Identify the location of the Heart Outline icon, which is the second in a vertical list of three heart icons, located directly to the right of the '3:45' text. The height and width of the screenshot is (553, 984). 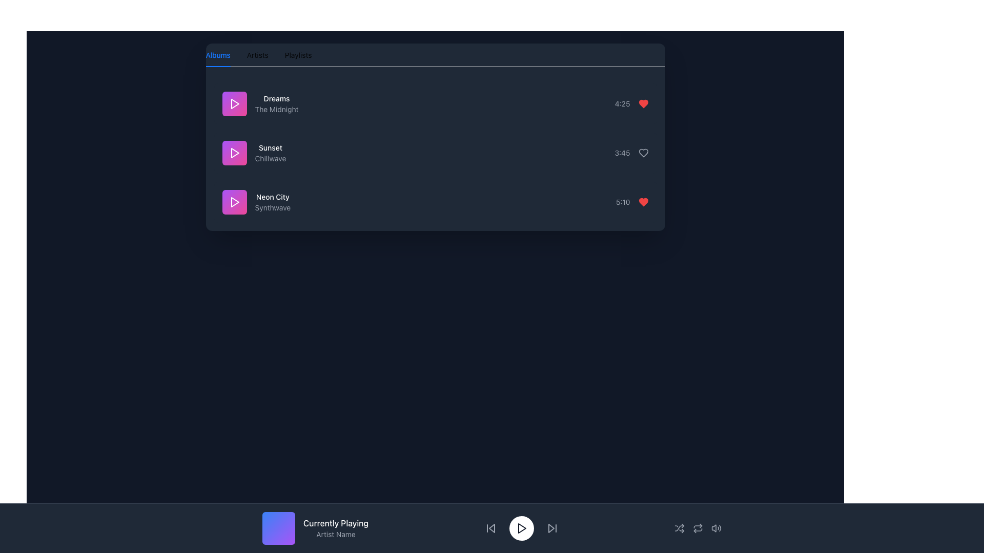
(643, 153).